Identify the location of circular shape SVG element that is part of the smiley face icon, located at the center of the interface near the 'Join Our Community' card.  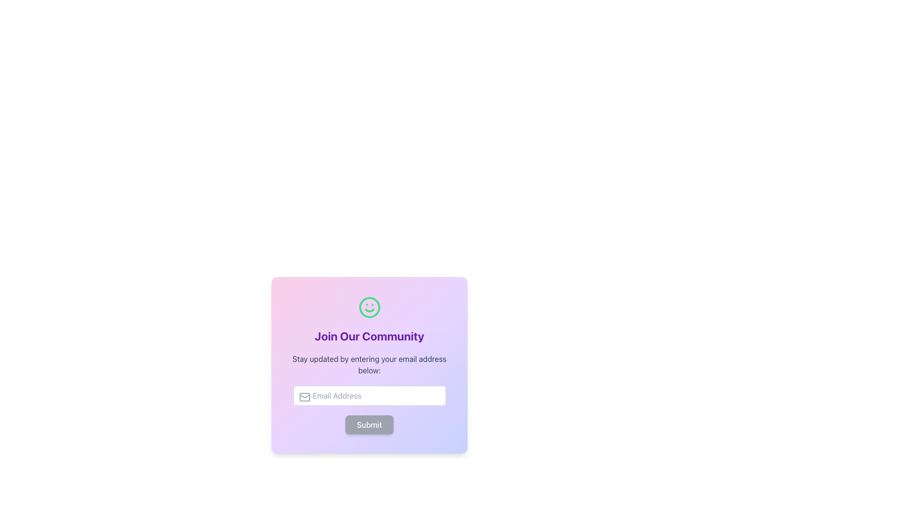
(369, 307).